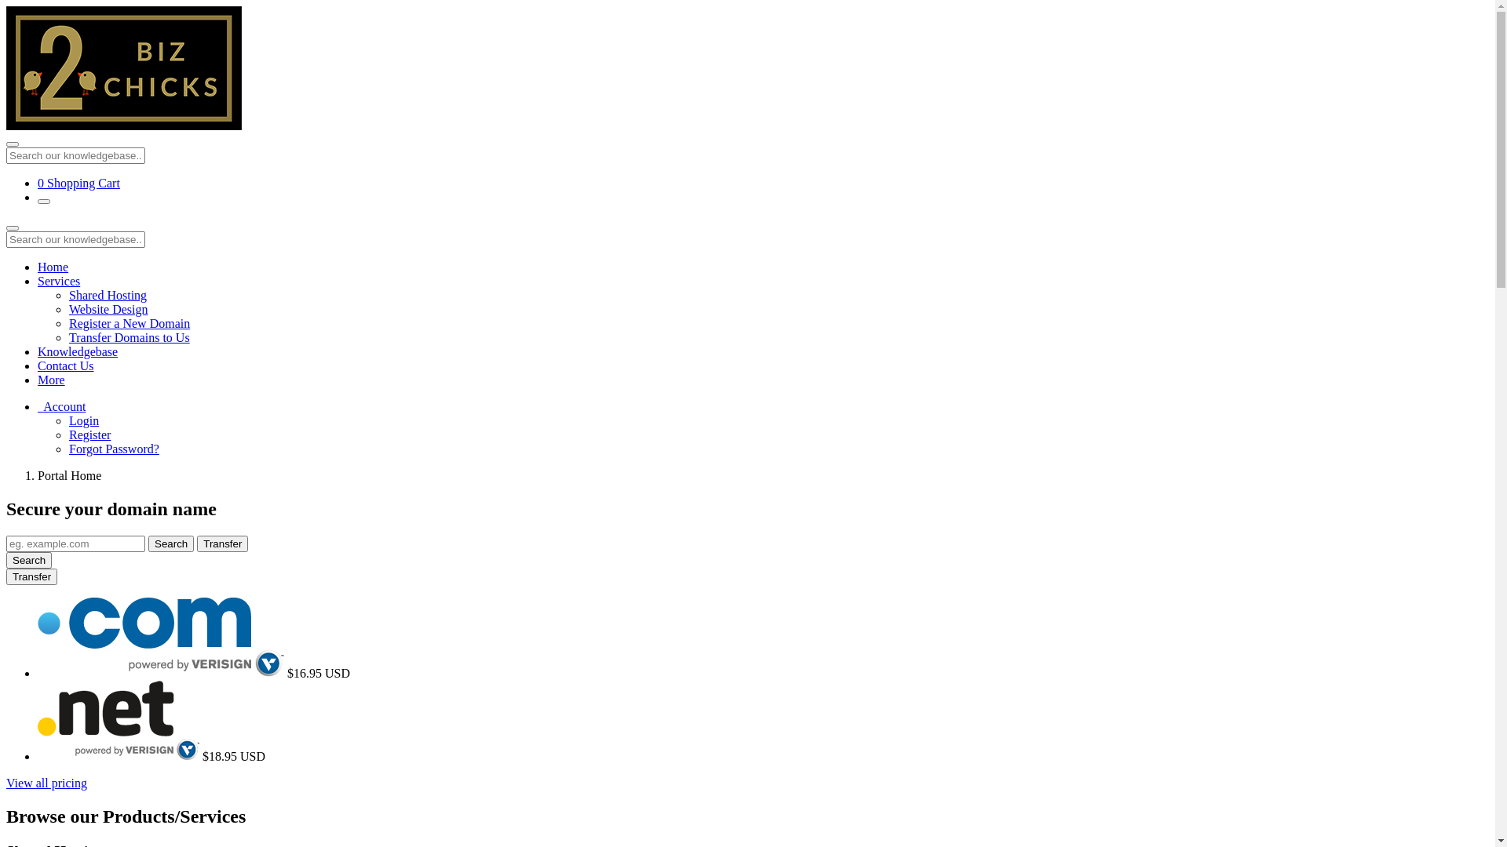 This screenshot has height=847, width=1507. Describe the element at coordinates (129, 322) in the screenshot. I see `'Register a New Domain'` at that location.